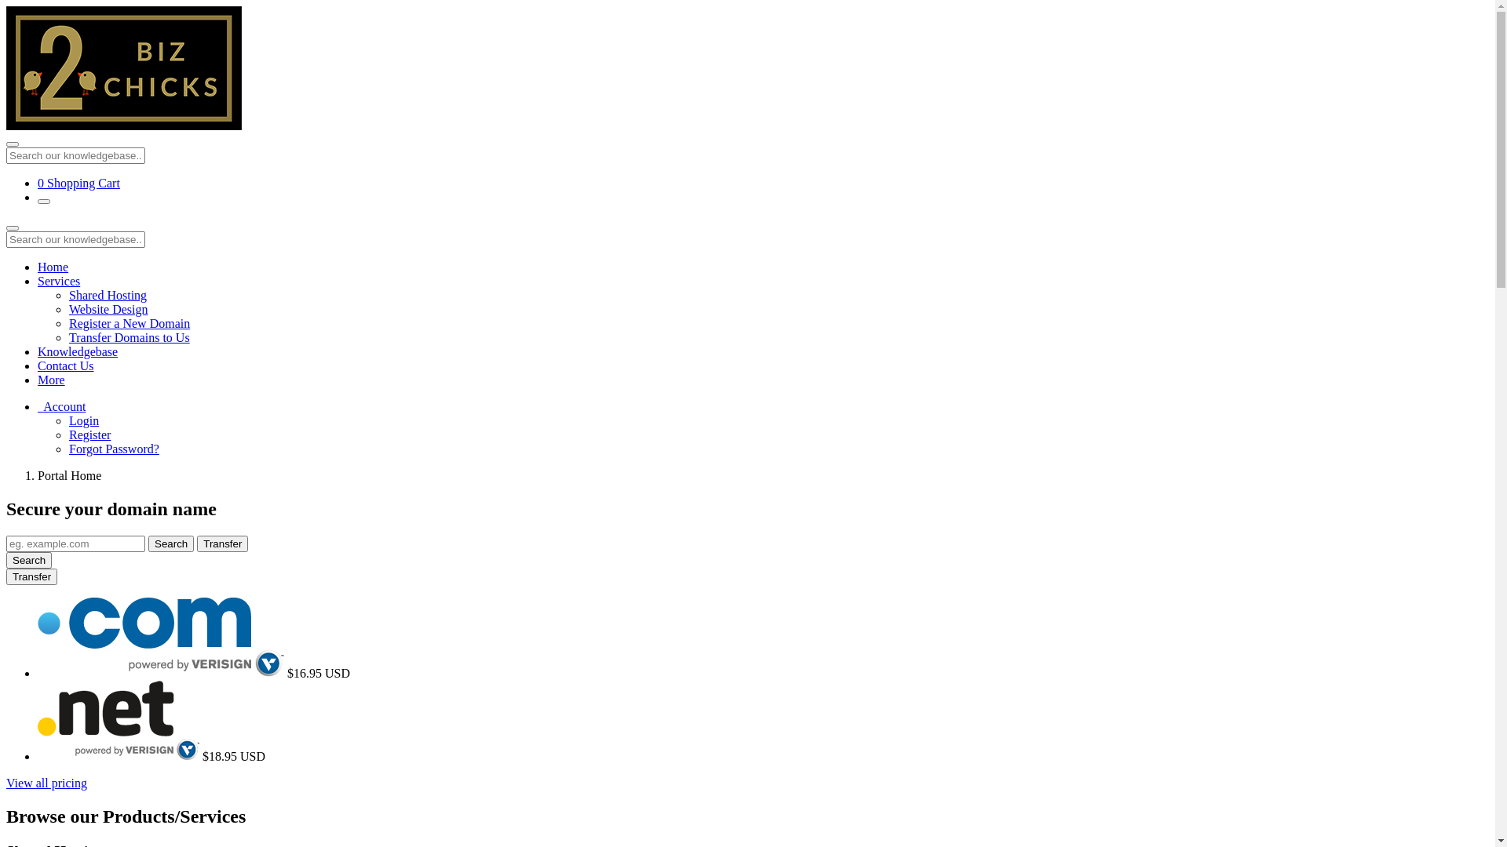 This screenshot has height=847, width=1507. Describe the element at coordinates (129, 322) in the screenshot. I see `'Register a New Domain'` at that location.